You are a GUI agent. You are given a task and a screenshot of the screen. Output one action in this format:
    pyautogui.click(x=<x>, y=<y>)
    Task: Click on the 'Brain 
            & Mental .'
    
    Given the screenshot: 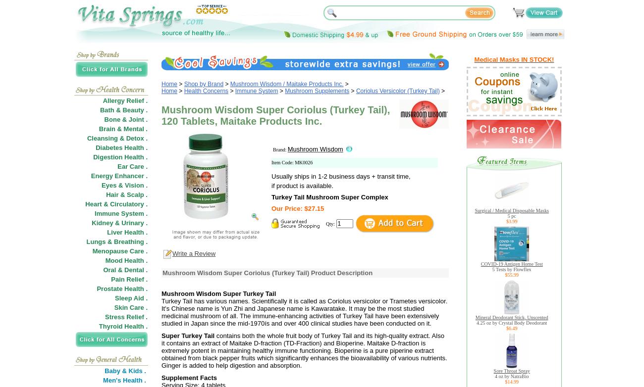 What is the action you would take?
    pyautogui.click(x=122, y=128)
    